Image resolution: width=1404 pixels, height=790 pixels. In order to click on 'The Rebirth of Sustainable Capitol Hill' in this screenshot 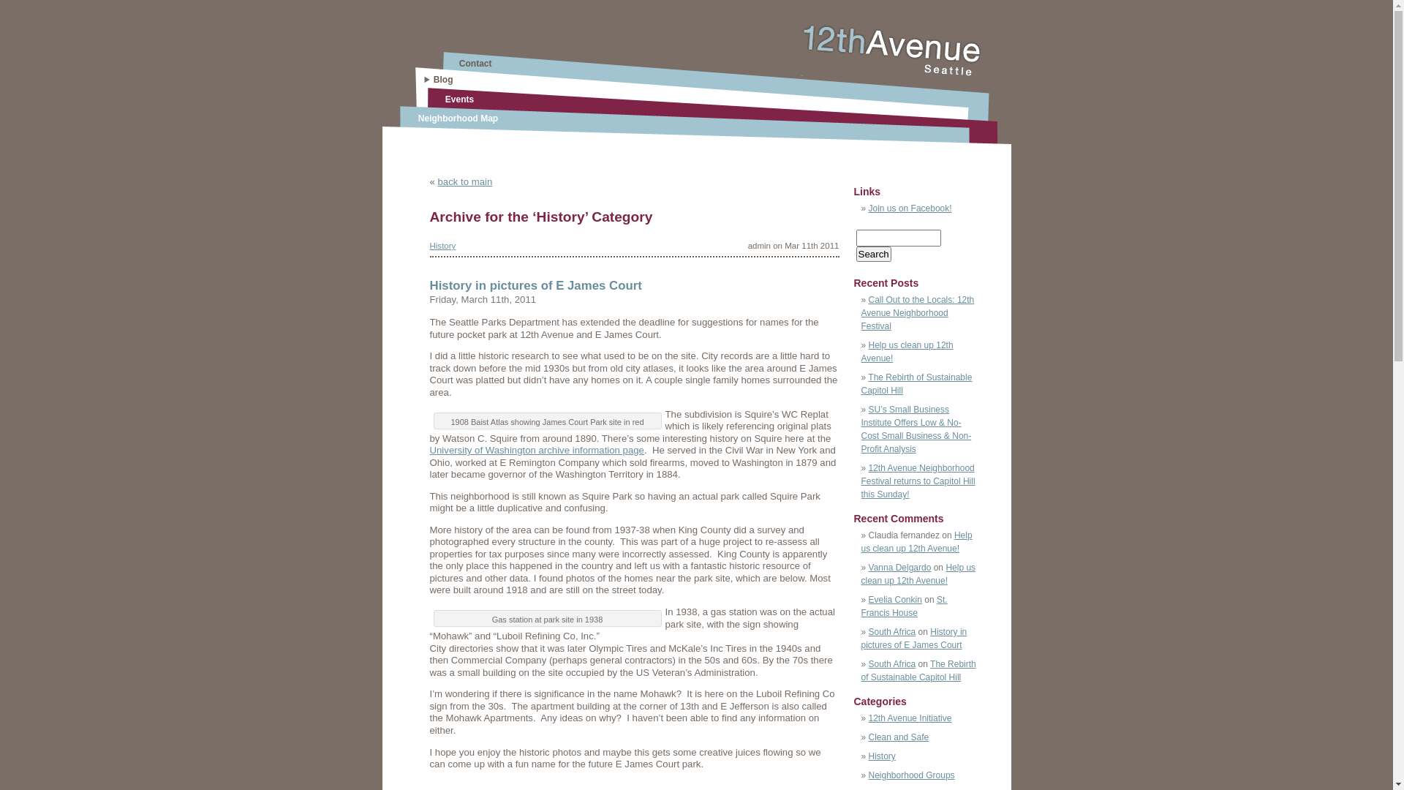, I will do `click(918, 671)`.